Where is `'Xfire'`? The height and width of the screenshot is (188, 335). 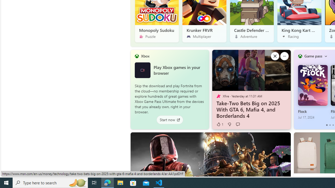
'Xfire' is located at coordinates (218, 96).